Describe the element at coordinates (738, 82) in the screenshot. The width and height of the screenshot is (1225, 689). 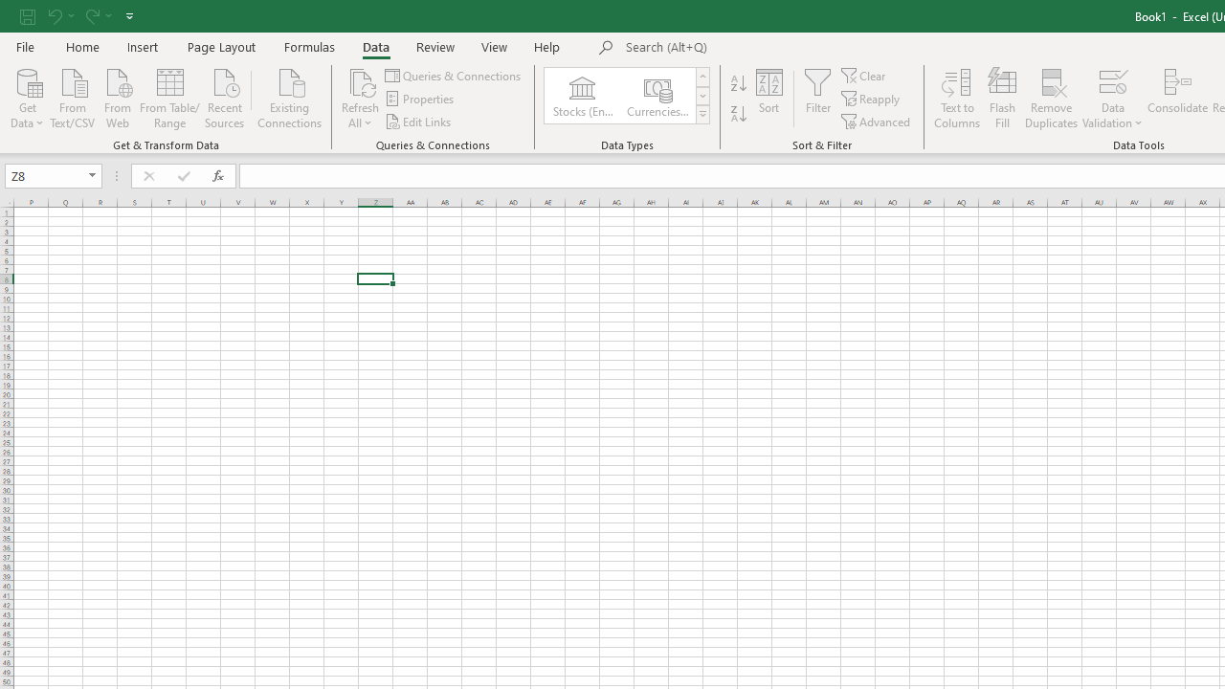
I see `'Sort A to Z'` at that location.